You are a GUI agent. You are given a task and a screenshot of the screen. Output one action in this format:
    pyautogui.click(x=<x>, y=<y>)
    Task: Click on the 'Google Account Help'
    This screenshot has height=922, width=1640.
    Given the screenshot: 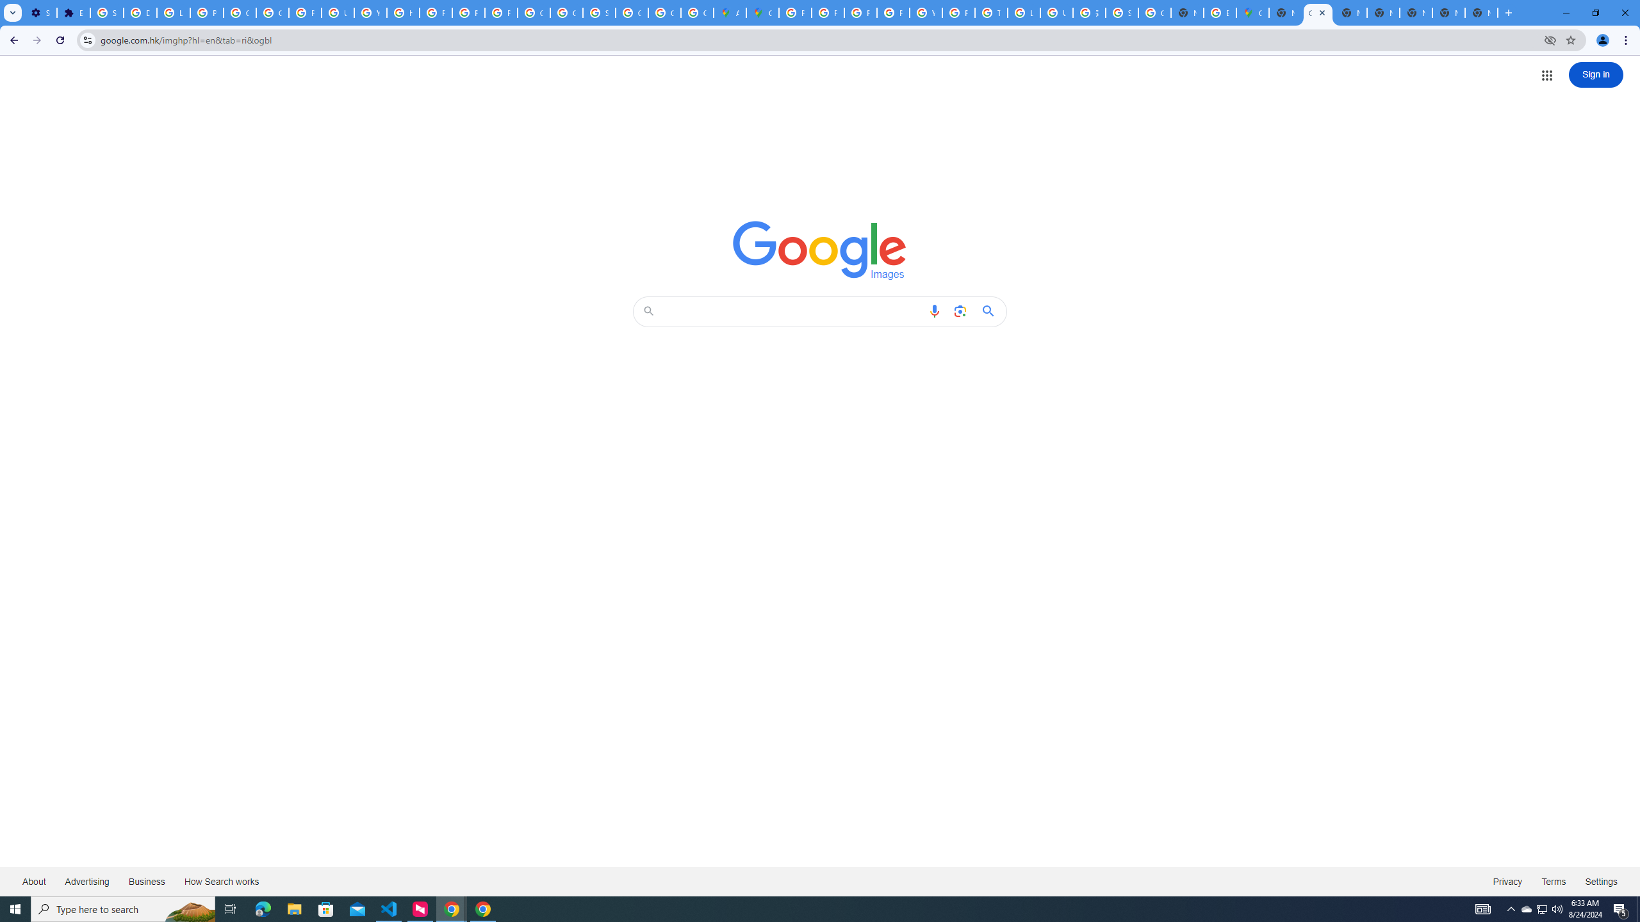 What is the action you would take?
    pyautogui.click(x=240, y=12)
    